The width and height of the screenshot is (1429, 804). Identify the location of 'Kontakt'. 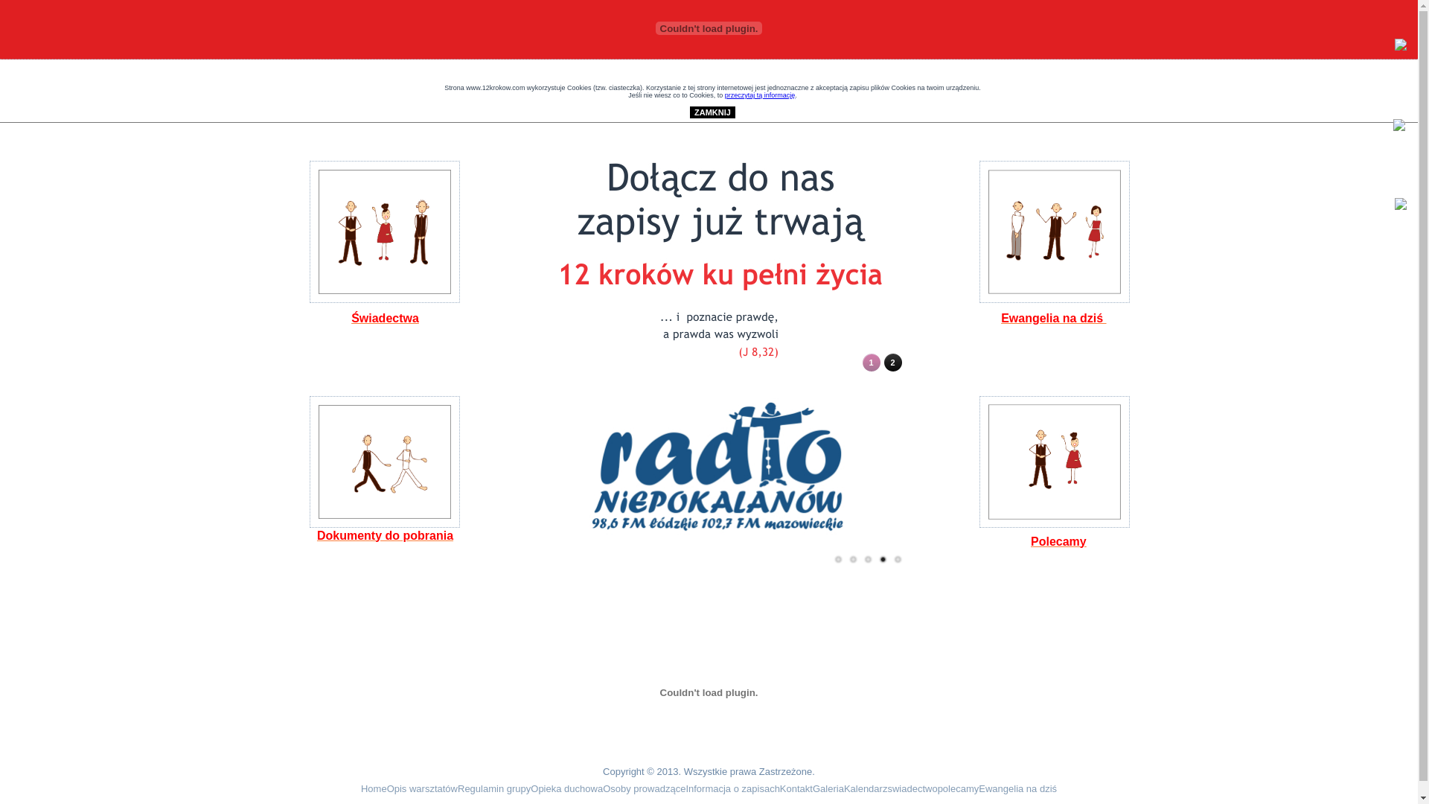
(796, 788).